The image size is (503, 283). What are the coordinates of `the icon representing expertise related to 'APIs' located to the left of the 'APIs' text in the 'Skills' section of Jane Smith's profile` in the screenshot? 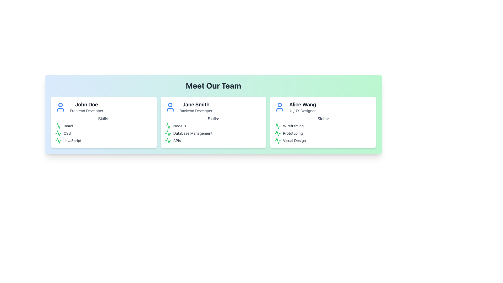 It's located at (168, 140).